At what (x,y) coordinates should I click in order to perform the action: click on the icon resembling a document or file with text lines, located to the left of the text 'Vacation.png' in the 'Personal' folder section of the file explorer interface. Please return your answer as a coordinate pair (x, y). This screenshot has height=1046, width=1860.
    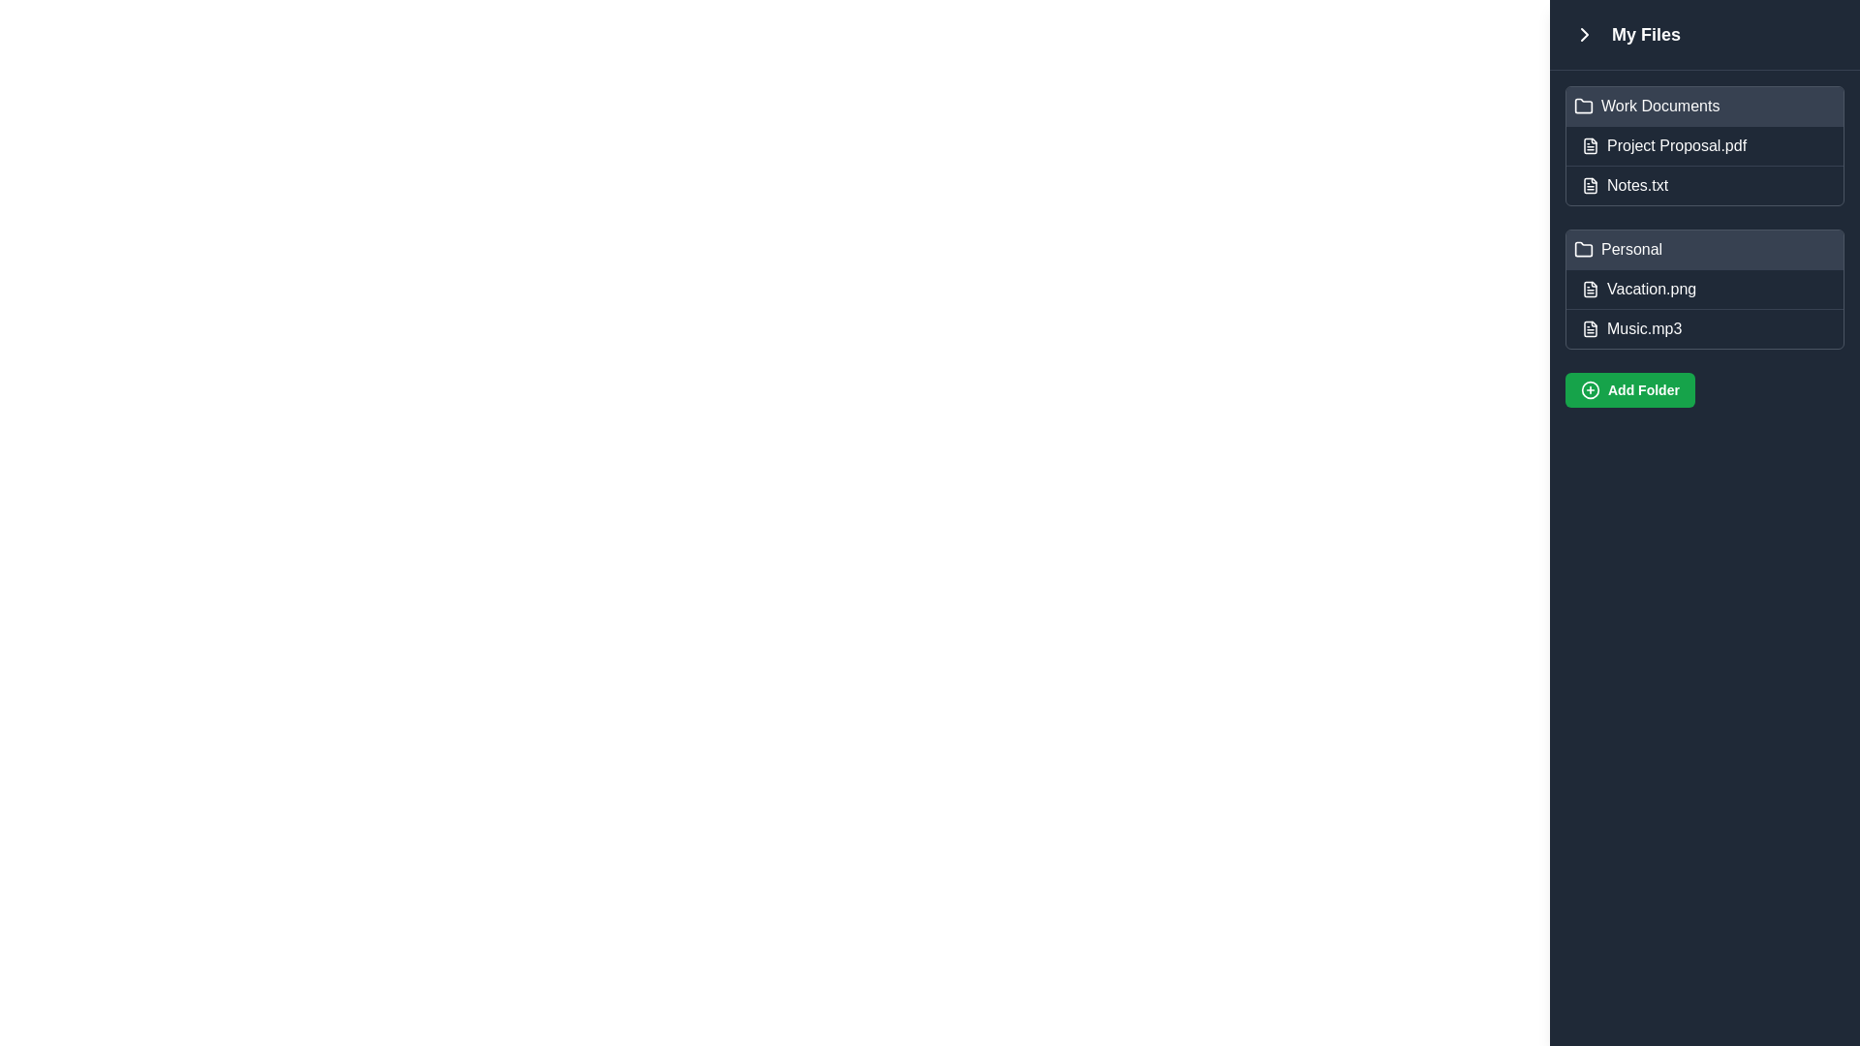
    Looking at the image, I should click on (1590, 290).